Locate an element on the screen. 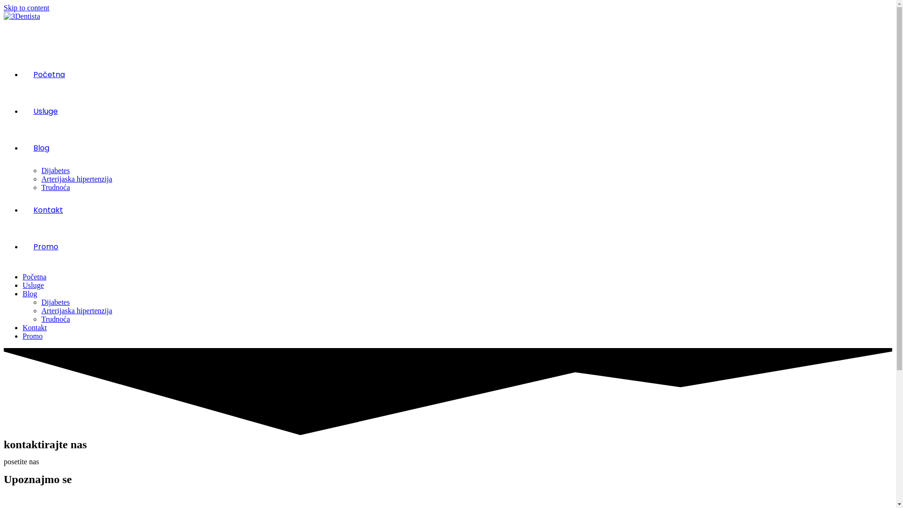 The image size is (903, 508). 'Usluge' is located at coordinates (23, 285).